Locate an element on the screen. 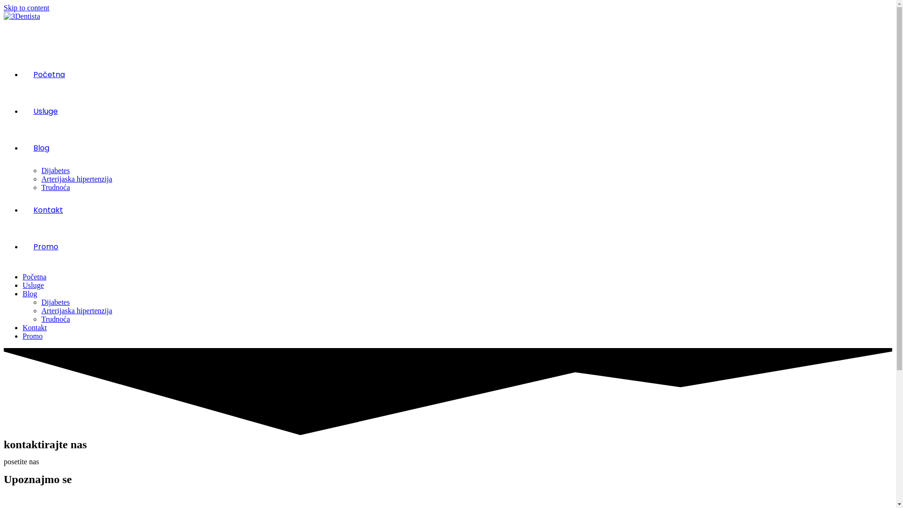 The image size is (903, 508). 'Usluge' is located at coordinates (23, 285).